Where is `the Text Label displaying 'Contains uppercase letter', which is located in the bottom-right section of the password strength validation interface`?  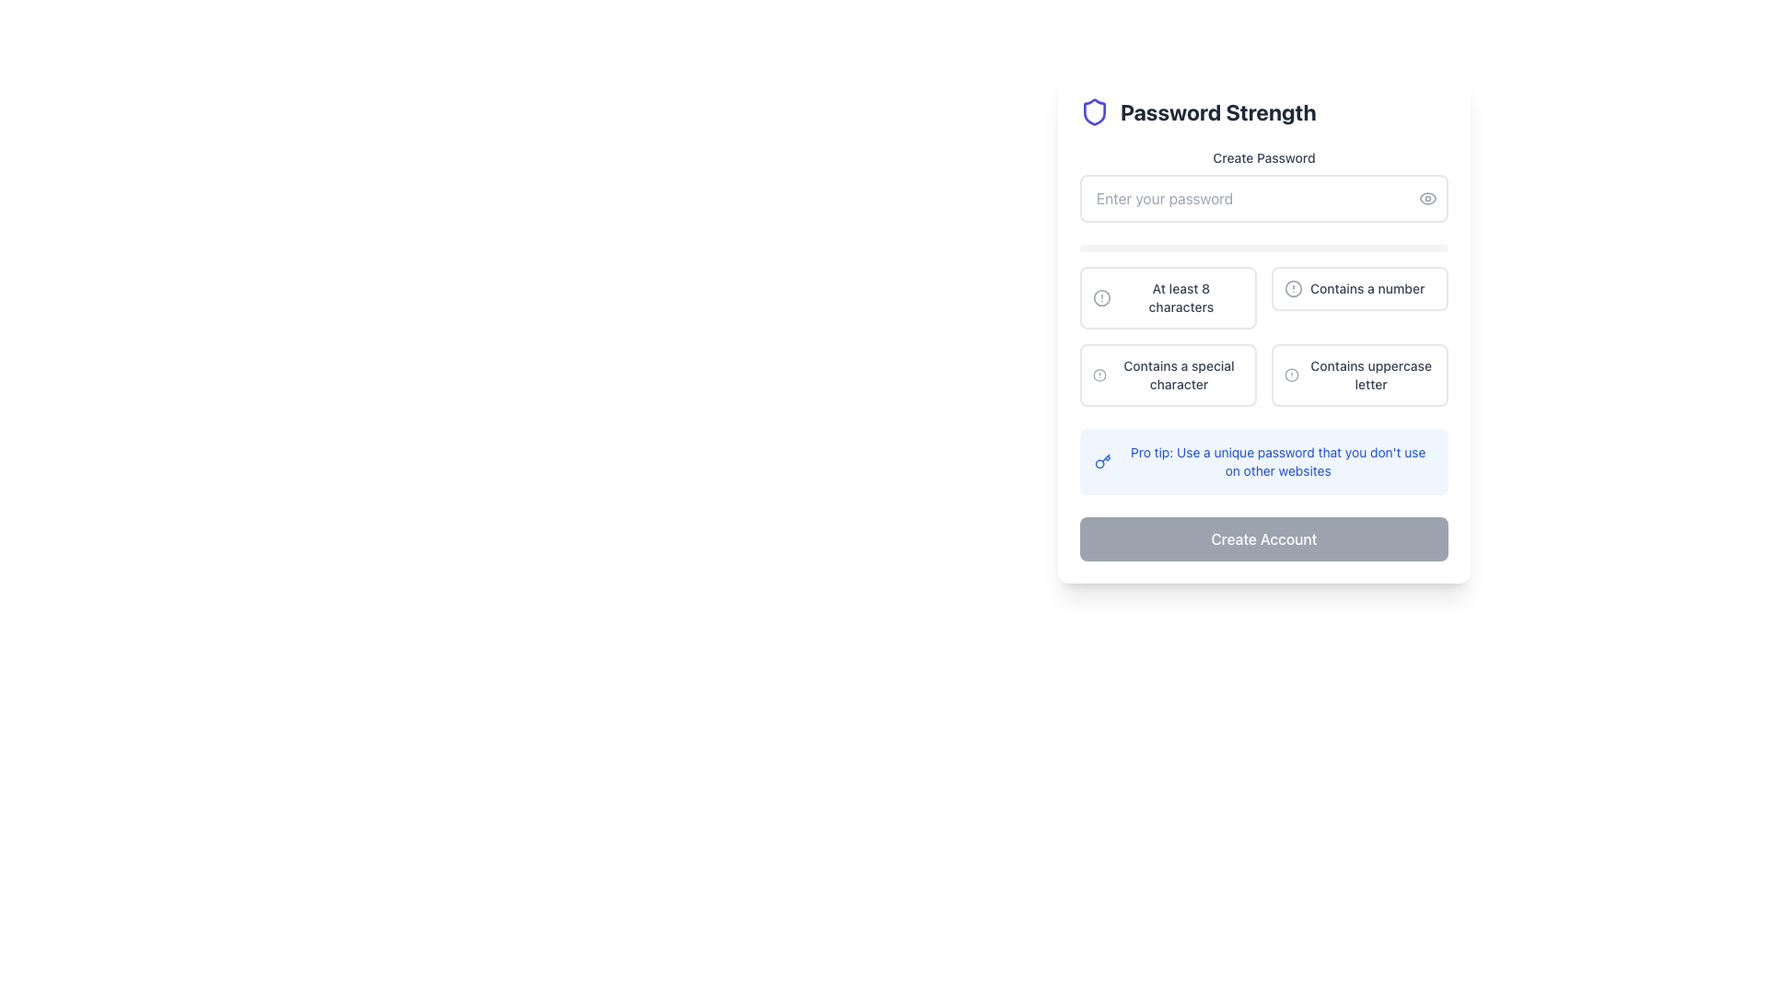 the Text Label displaying 'Contains uppercase letter', which is located in the bottom-right section of the password strength validation interface is located at coordinates (1371, 375).